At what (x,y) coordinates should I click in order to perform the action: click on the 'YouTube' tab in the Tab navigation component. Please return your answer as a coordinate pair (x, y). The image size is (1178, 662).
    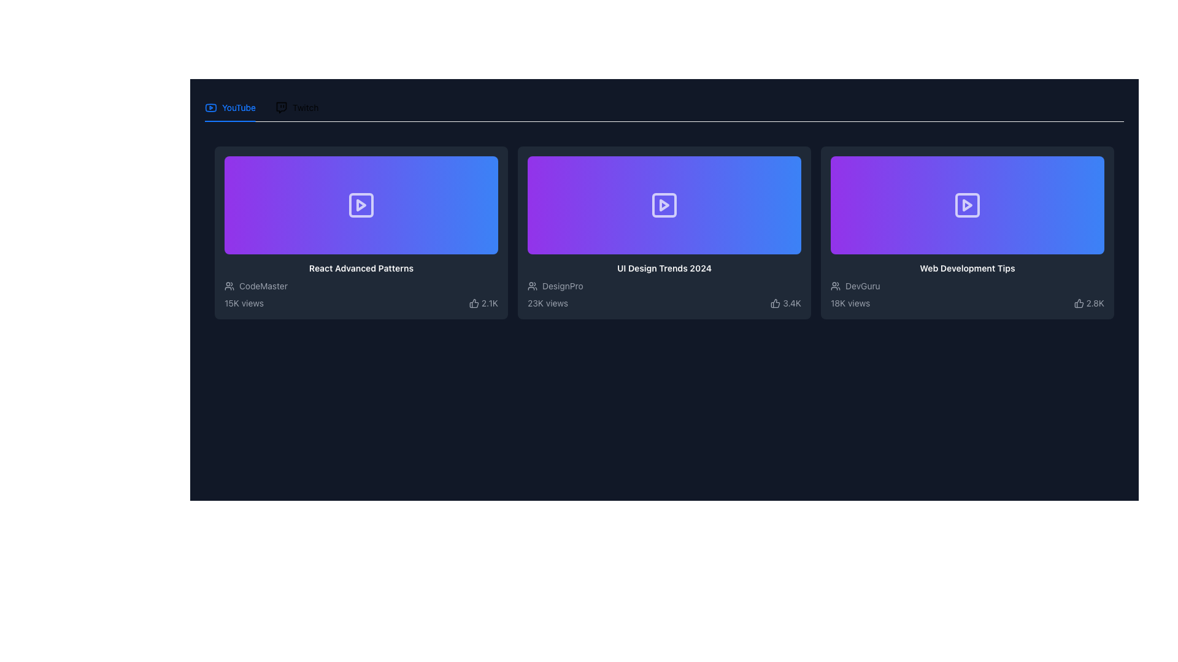
    Looking at the image, I should click on (261, 107).